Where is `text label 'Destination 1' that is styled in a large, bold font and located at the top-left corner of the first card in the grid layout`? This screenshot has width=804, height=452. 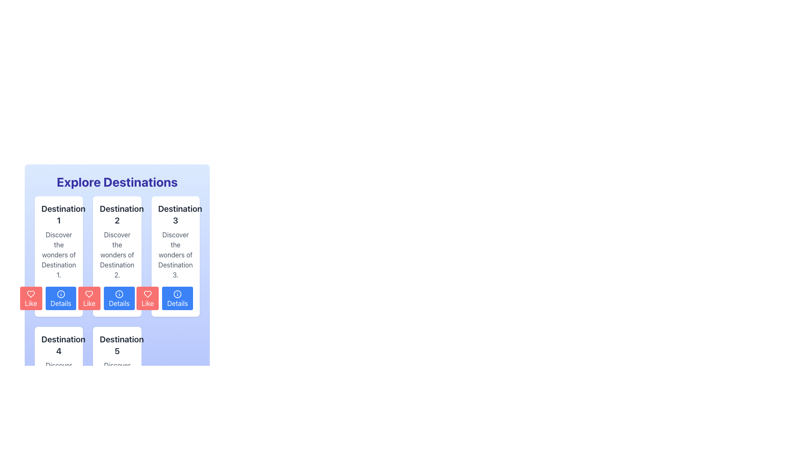
text label 'Destination 1' that is styled in a large, bold font and located at the top-left corner of the first card in the grid layout is located at coordinates (58, 214).